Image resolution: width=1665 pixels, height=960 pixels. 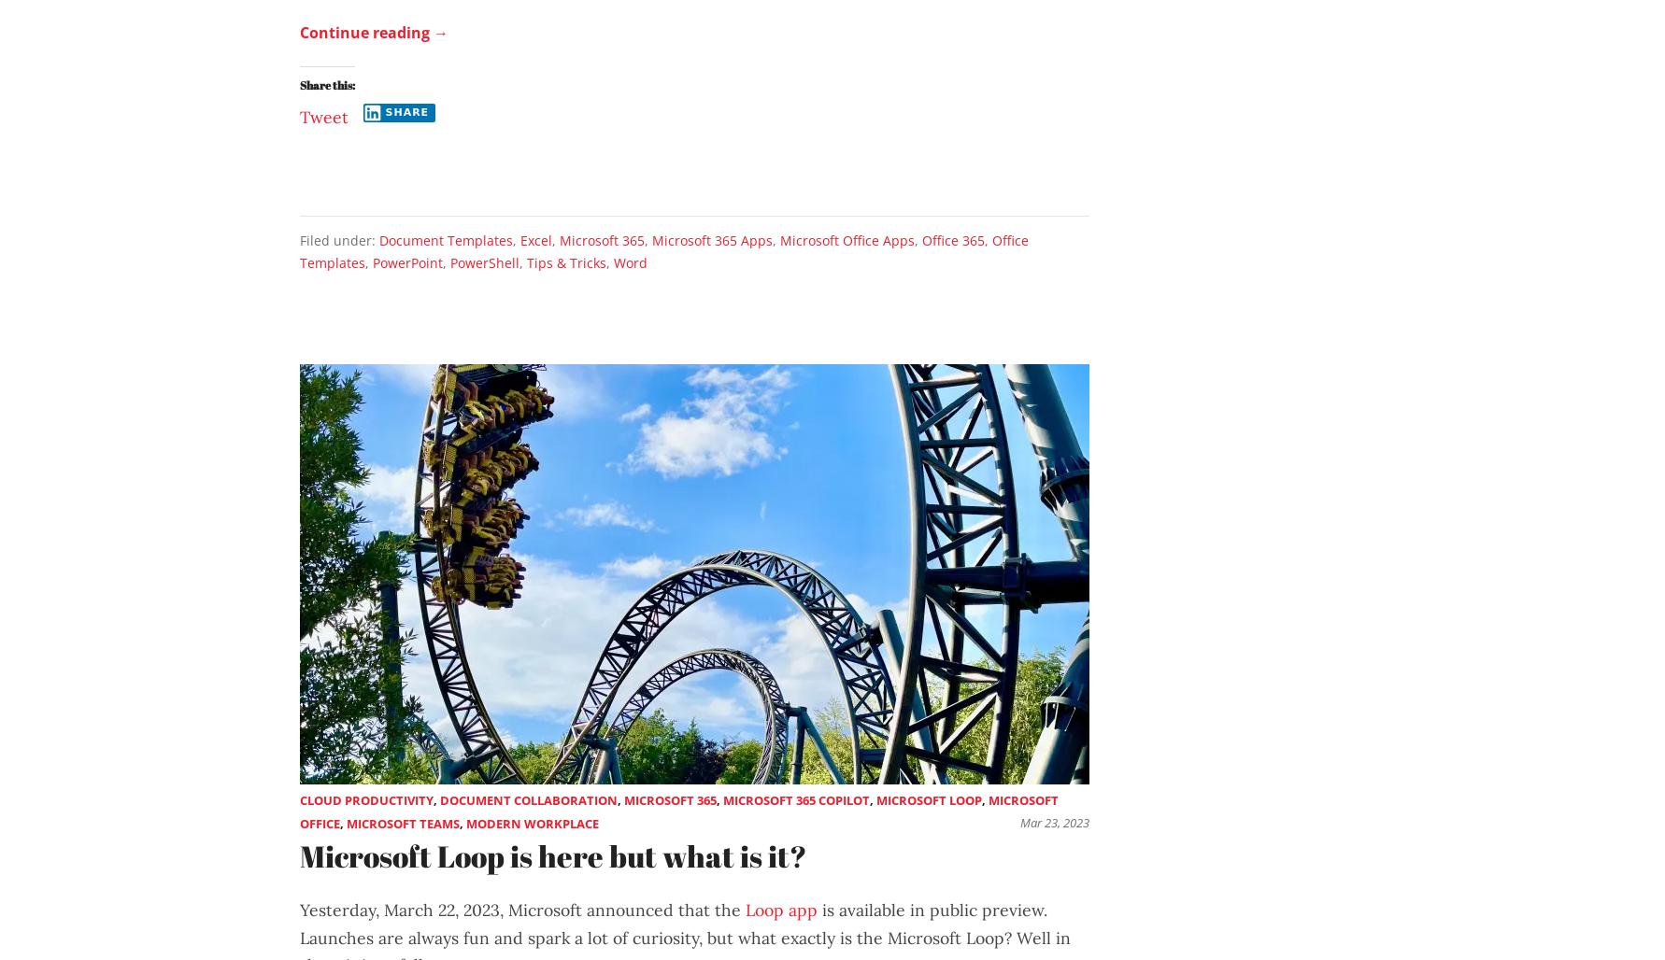 I want to click on 'Filed under:', so click(x=339, y=238).